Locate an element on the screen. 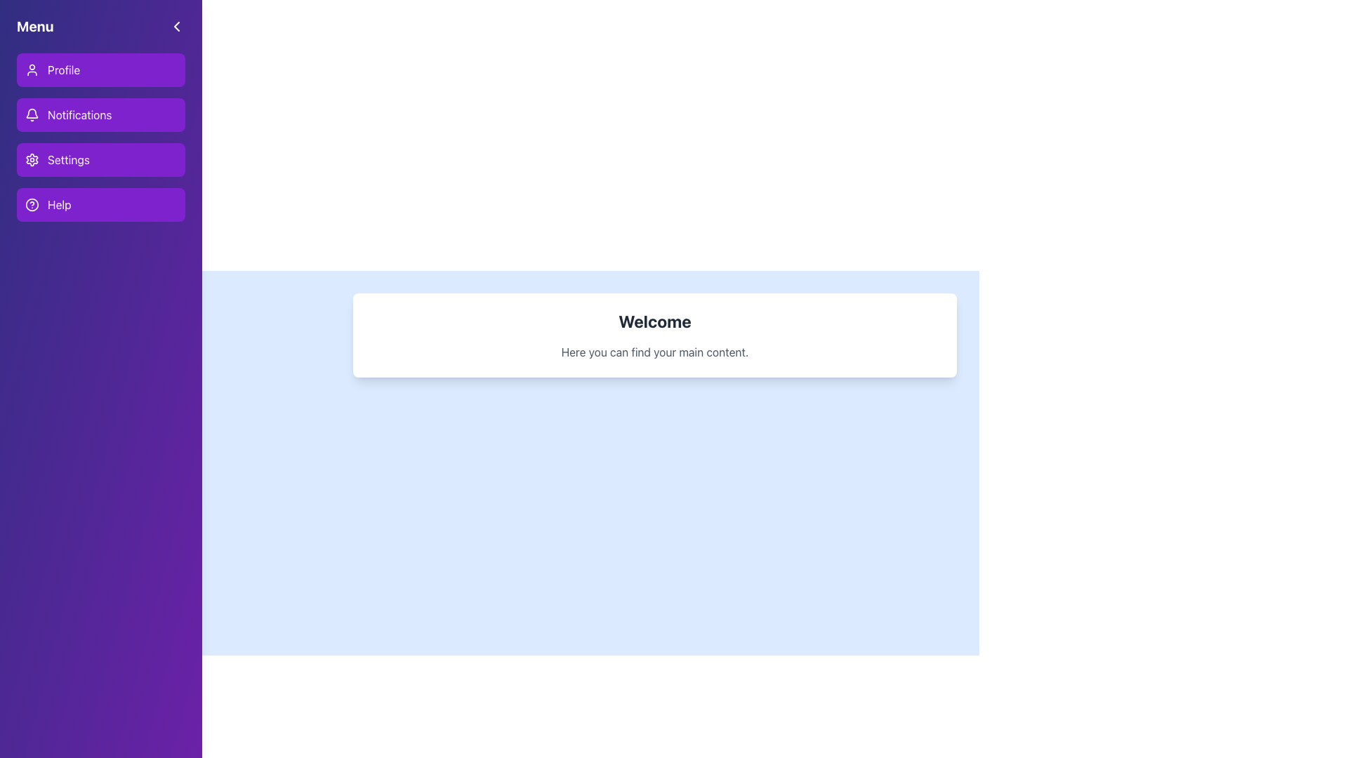  the navigation button located in the top-right corner of the side menu panel is located at coordinates (176, 27).